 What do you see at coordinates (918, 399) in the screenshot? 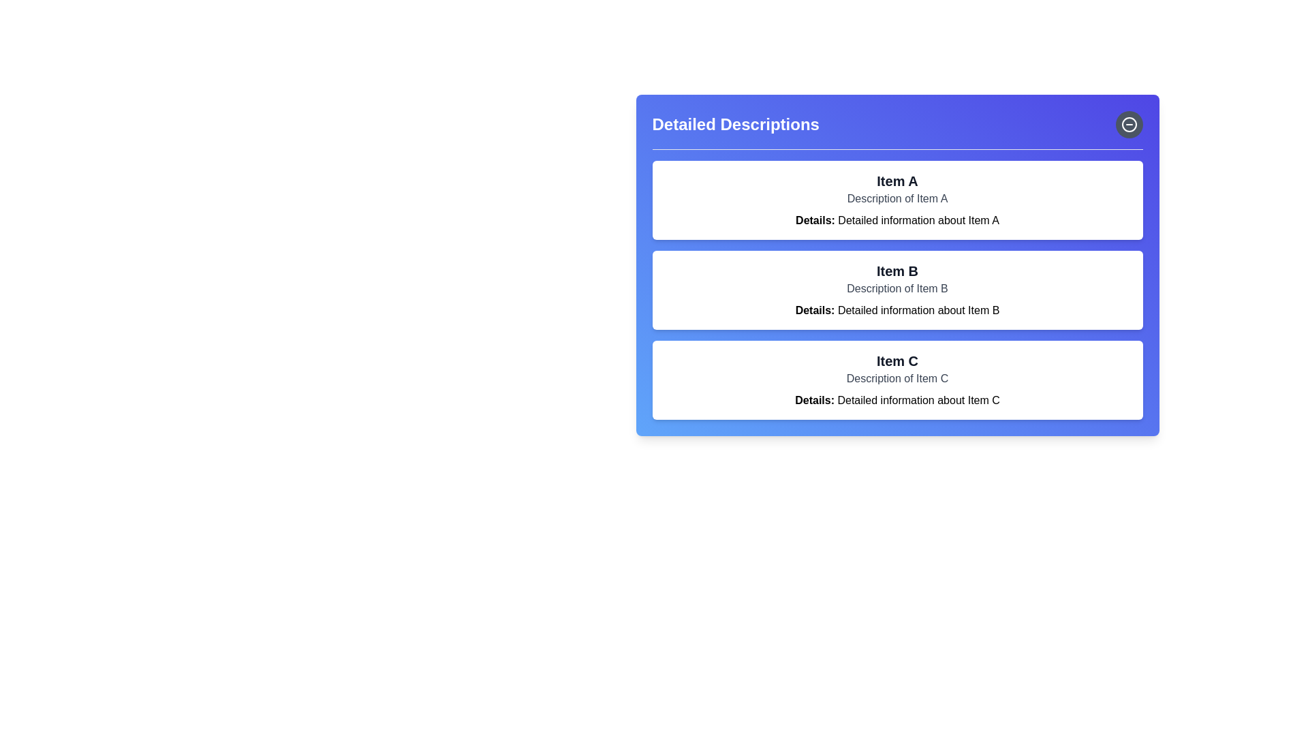
I see `text label displaying 'Detailed information about Item C' located in the 'Details:' field of the 'Item C' section` at bounding box center [918, 399].